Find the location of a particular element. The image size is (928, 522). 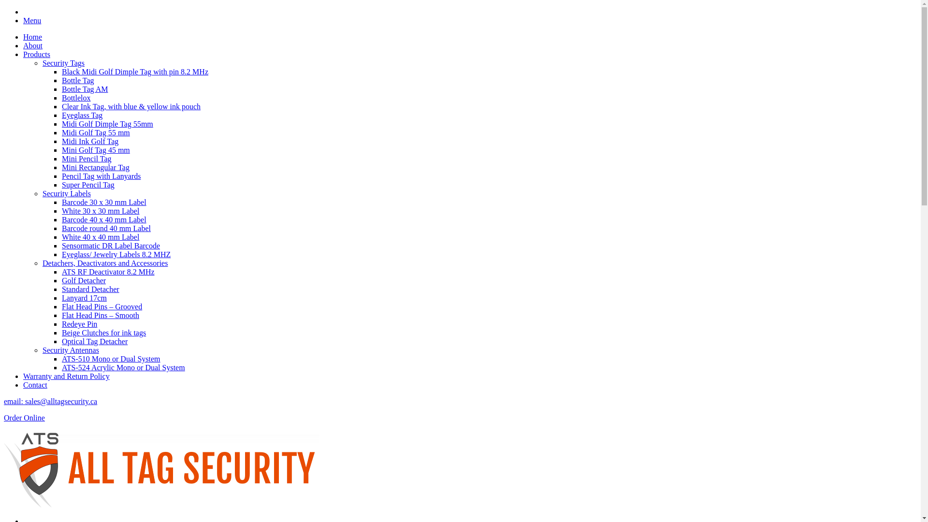

'Redeye Pin' is located at coordinates (79, 324).